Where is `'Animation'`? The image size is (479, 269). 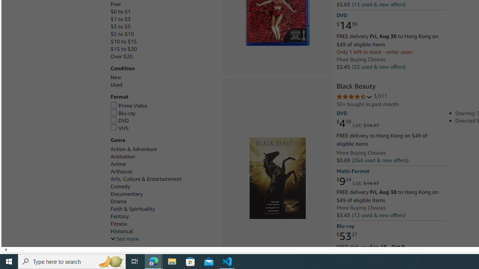 'Animation' is located at coordinates (123, 156).